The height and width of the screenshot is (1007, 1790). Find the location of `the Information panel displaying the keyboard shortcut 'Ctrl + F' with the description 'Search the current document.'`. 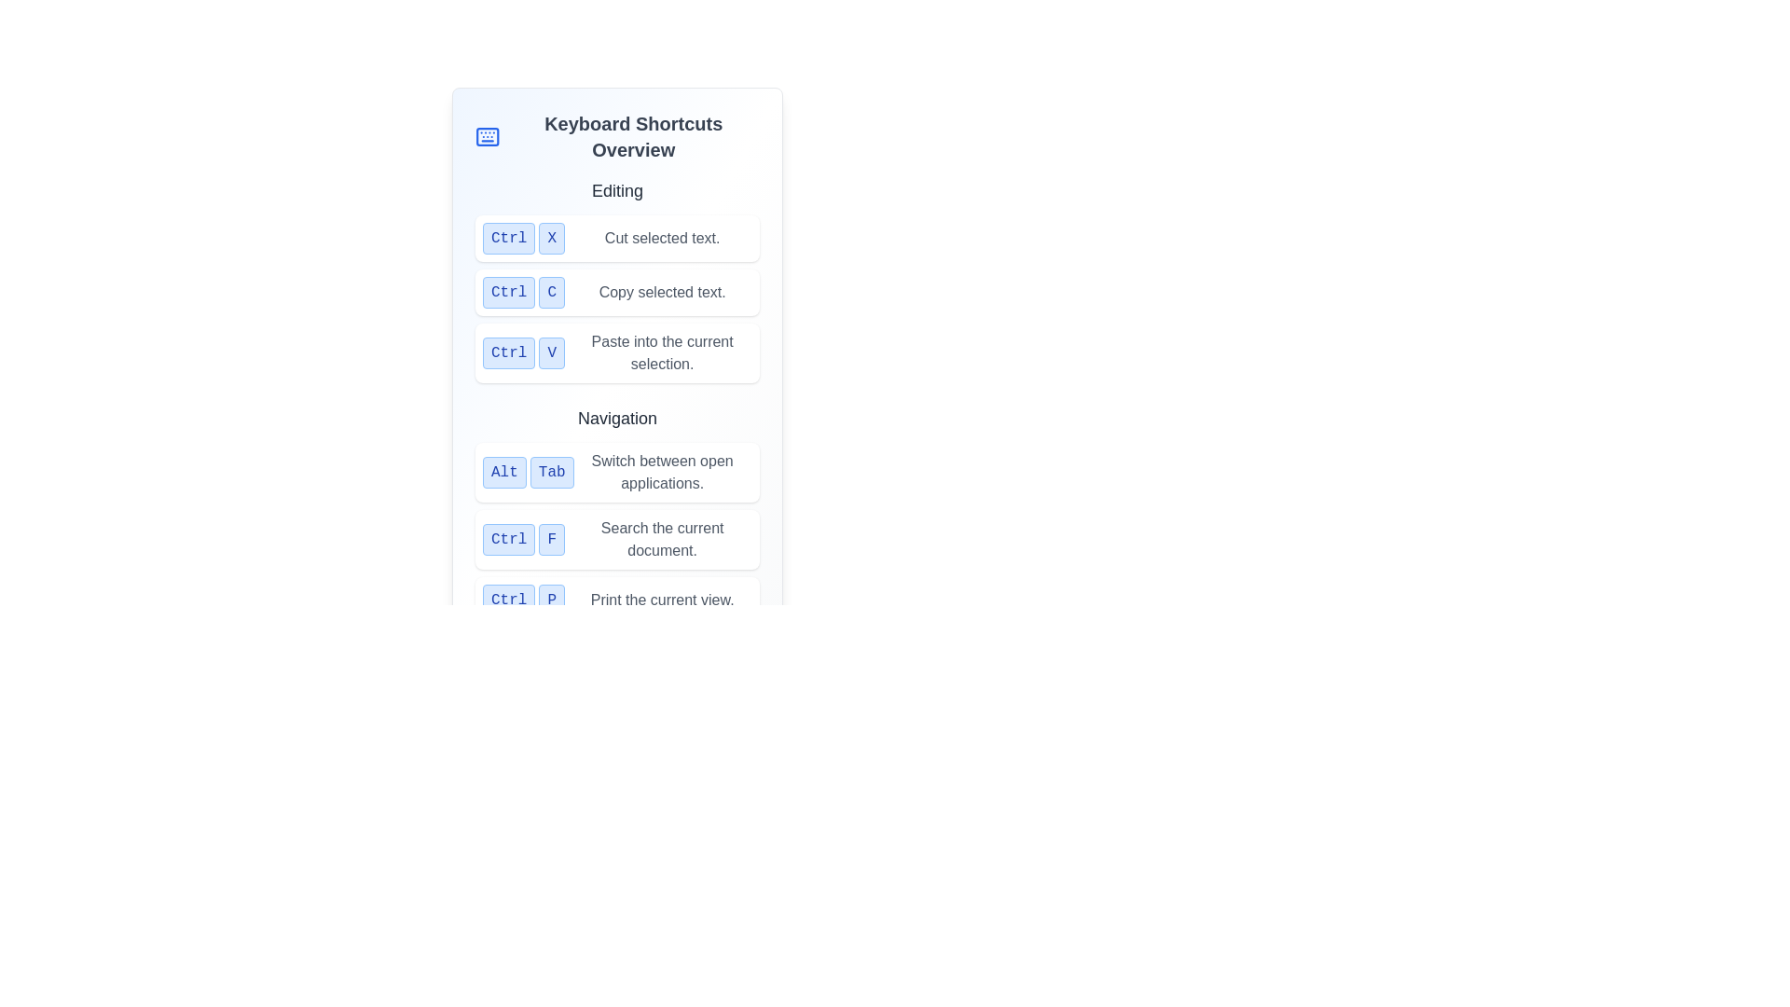

the Information panel displaying the keyboard shortcut 'Ctrl + F' with the description 'Search the current document.' is located at coordinates (617, 539).